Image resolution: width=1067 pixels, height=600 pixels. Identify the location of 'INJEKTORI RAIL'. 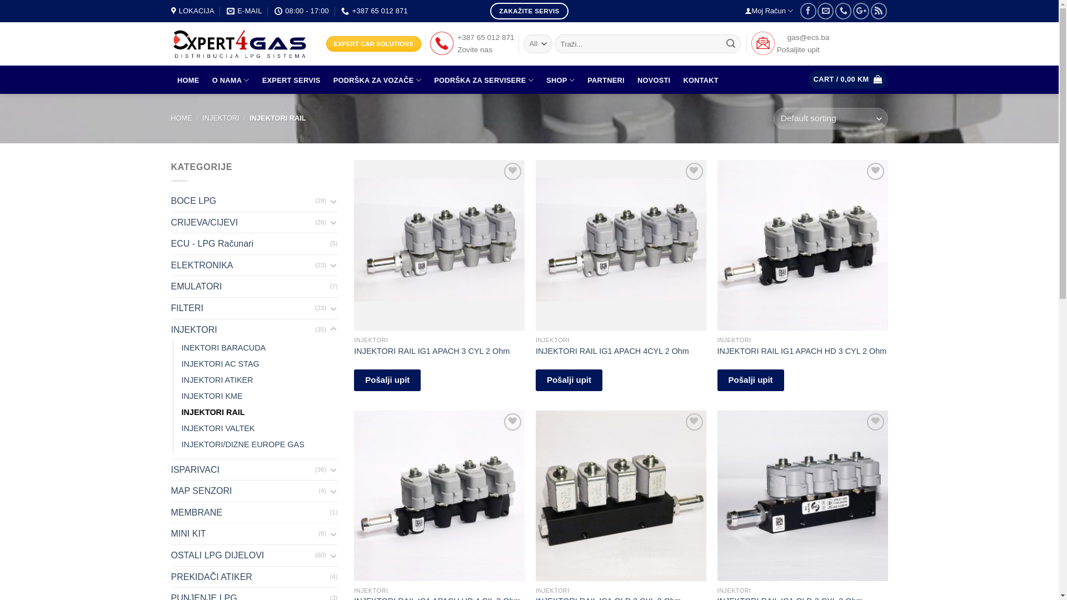
(213, 412).